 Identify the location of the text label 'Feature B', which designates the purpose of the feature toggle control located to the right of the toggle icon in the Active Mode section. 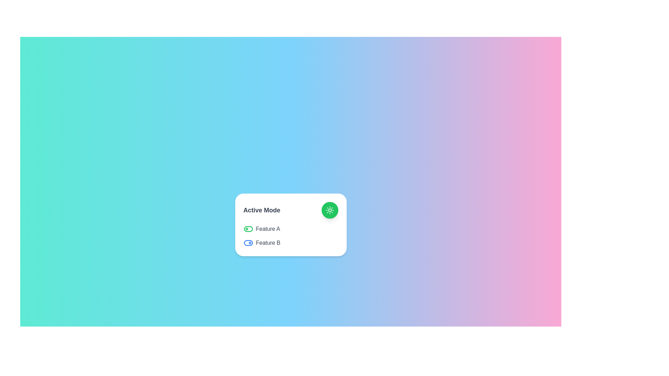
(268, 243).